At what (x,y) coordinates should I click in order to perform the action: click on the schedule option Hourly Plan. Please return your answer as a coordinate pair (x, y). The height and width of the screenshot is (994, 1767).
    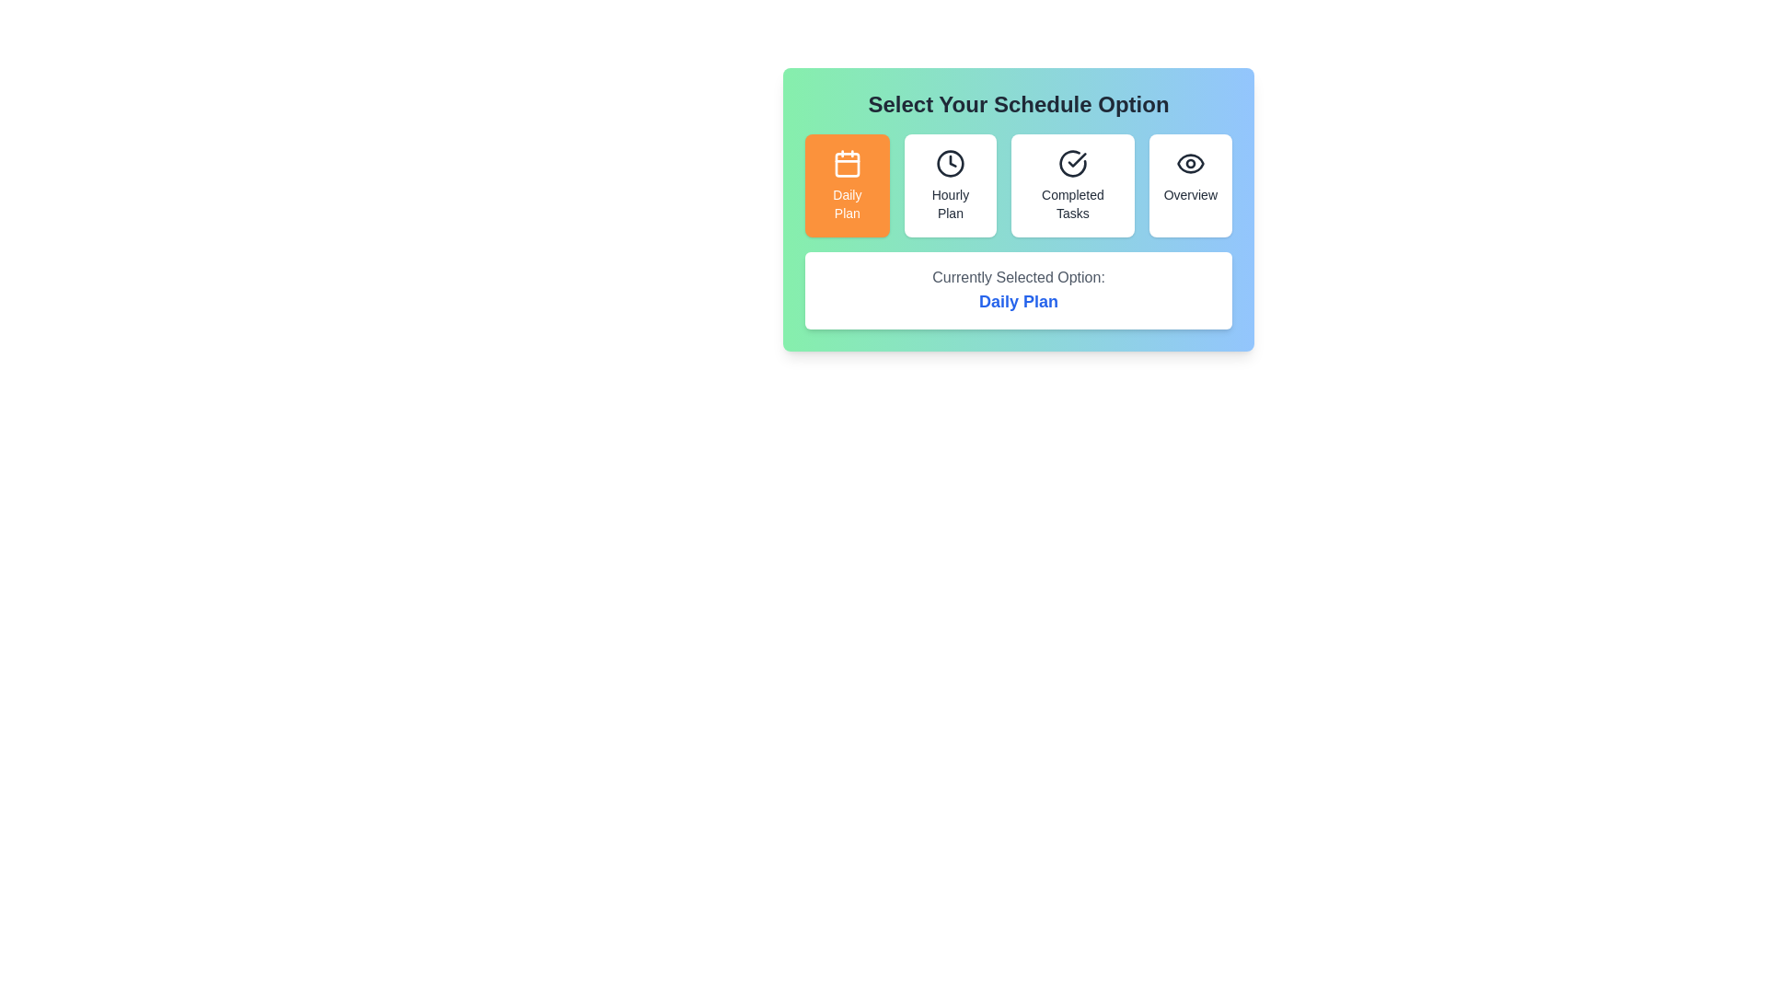
    Looking at the image, I should click on (950, 185).